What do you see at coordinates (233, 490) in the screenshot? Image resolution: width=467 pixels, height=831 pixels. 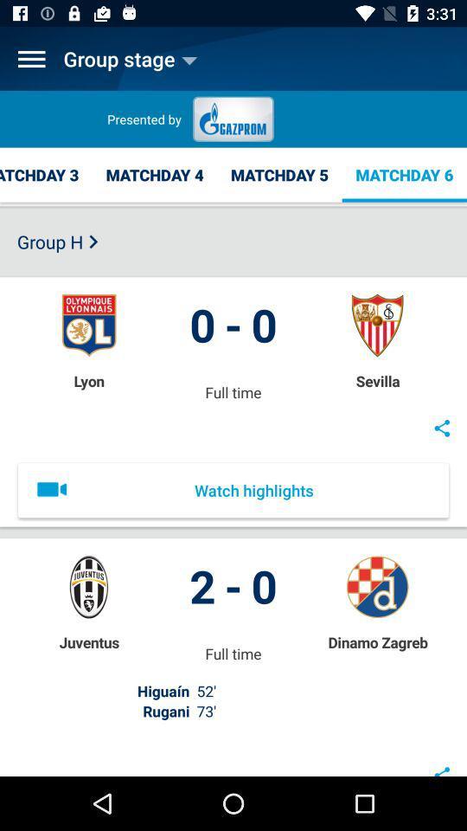 I see `watch highlights item` at bounding box center [233, 490].